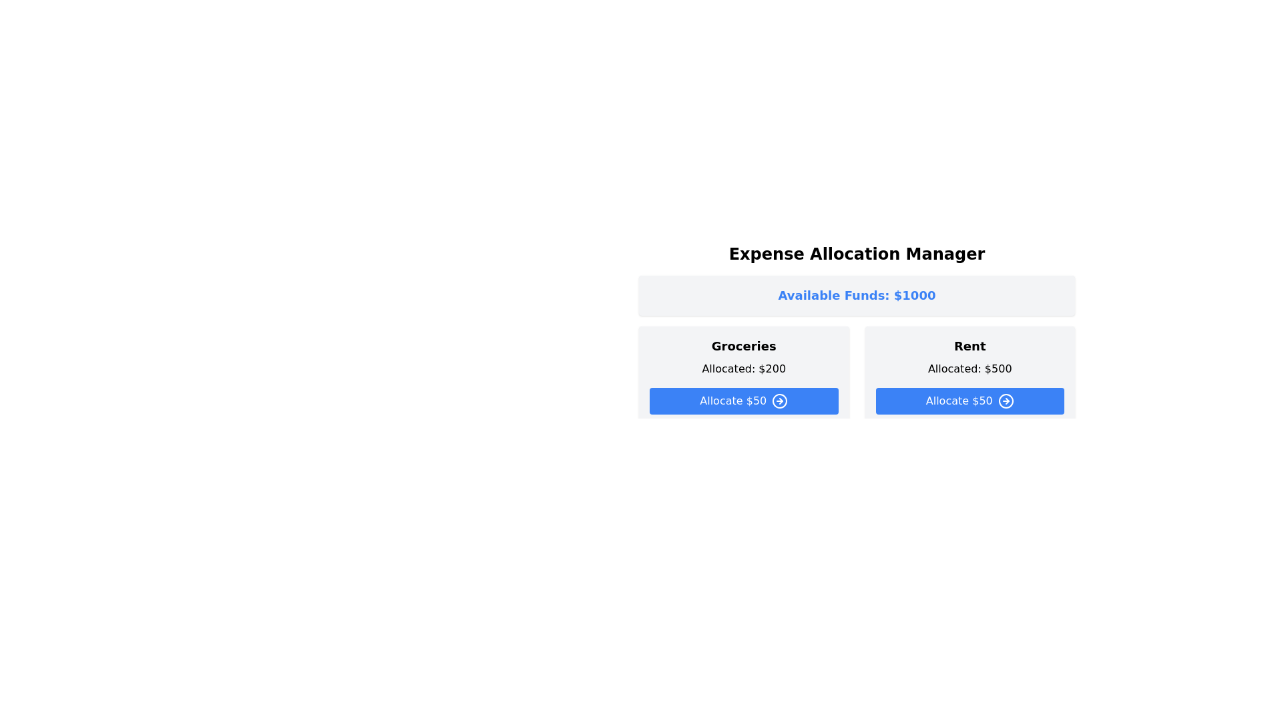  What do you see at coordinates (970, 401) in the screenshot?
I see `the button that allocates $50 towards the 'Rent' category` at bounding box center [970, 401].